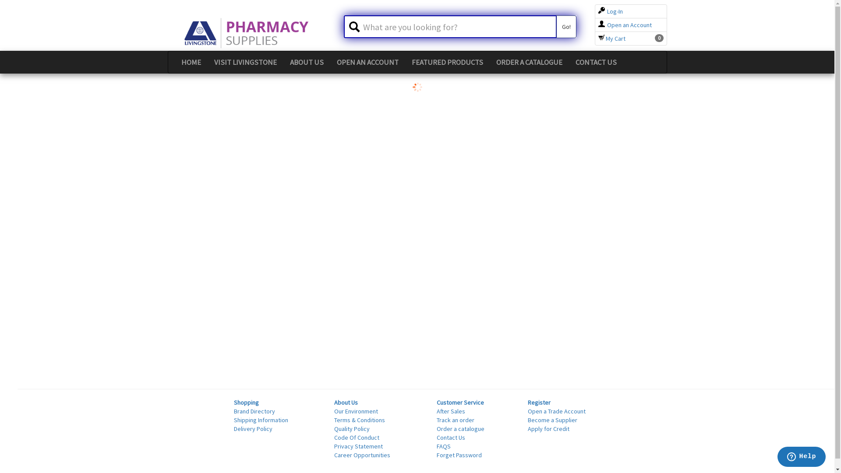 The image size is (841, 473). Describe the element at coordinates (334, 428) in the screenshot. I see `'Quality Policy'` at that location.